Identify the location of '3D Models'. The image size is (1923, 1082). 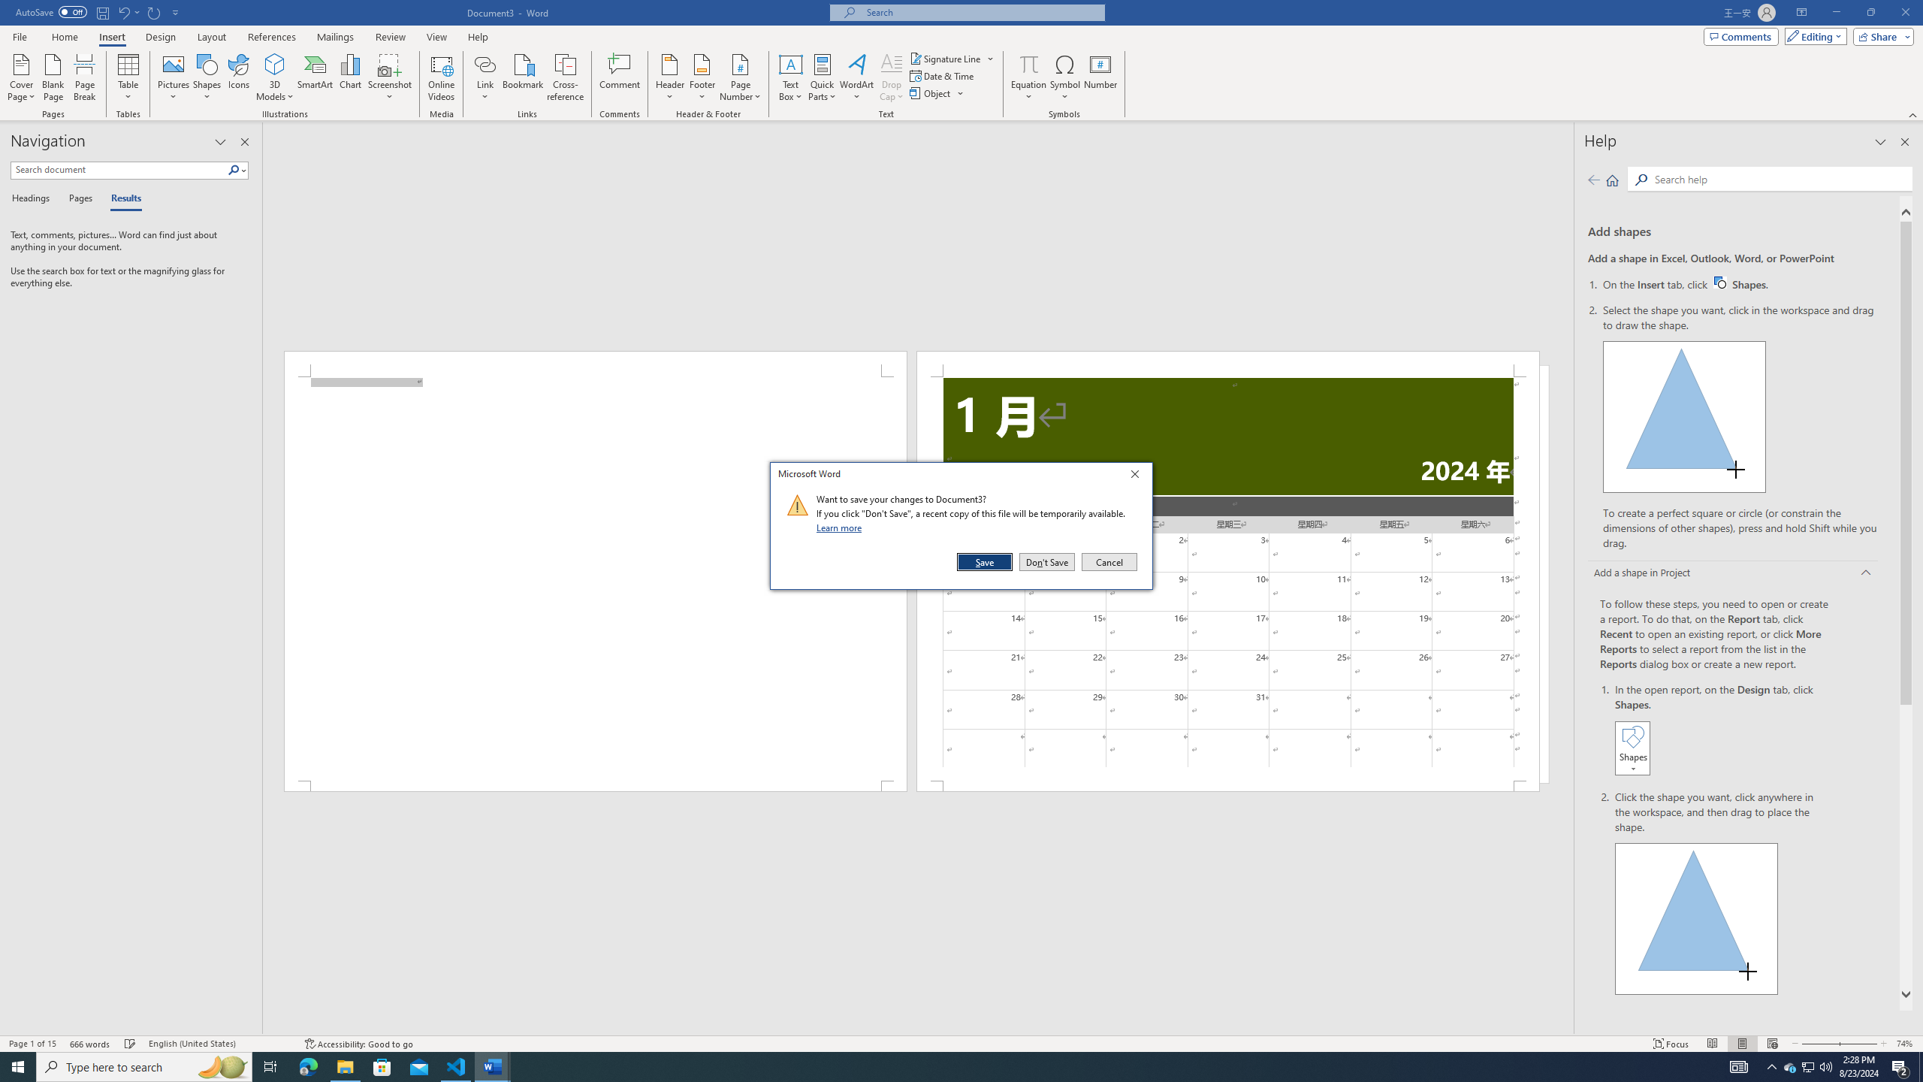
(275, 63).